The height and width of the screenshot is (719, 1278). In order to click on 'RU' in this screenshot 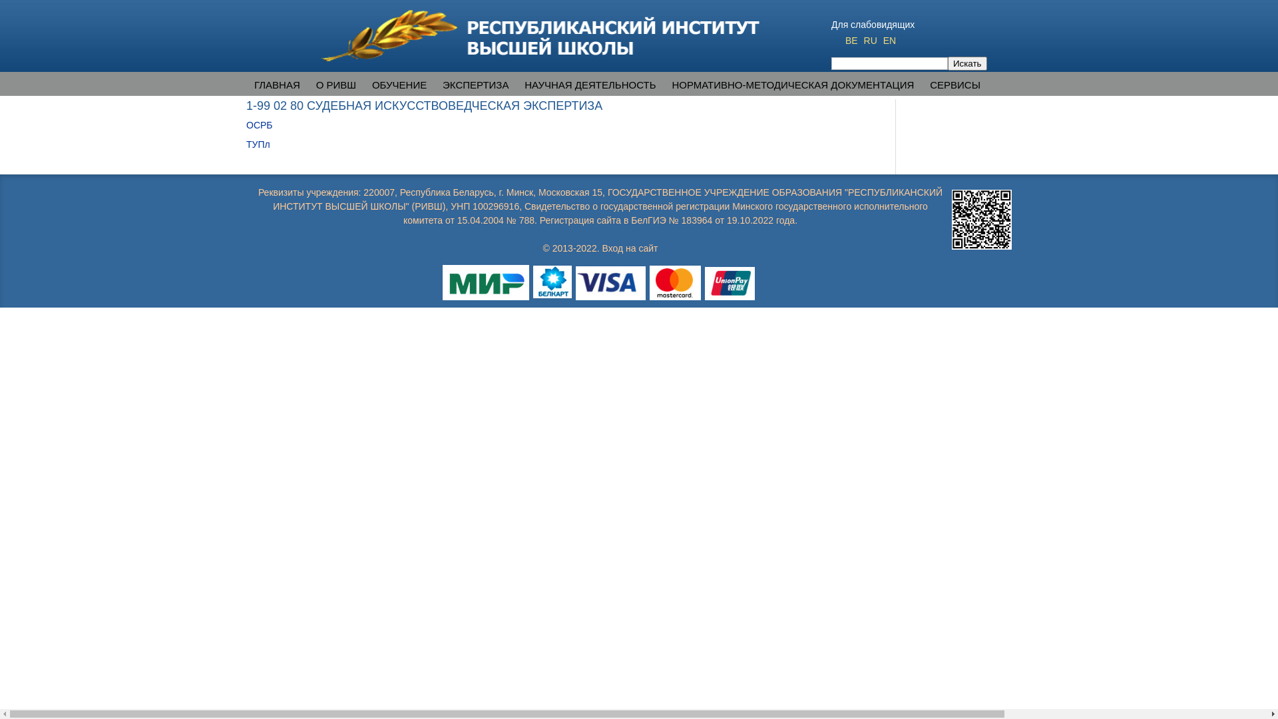, I will do `click(872, 40)`.